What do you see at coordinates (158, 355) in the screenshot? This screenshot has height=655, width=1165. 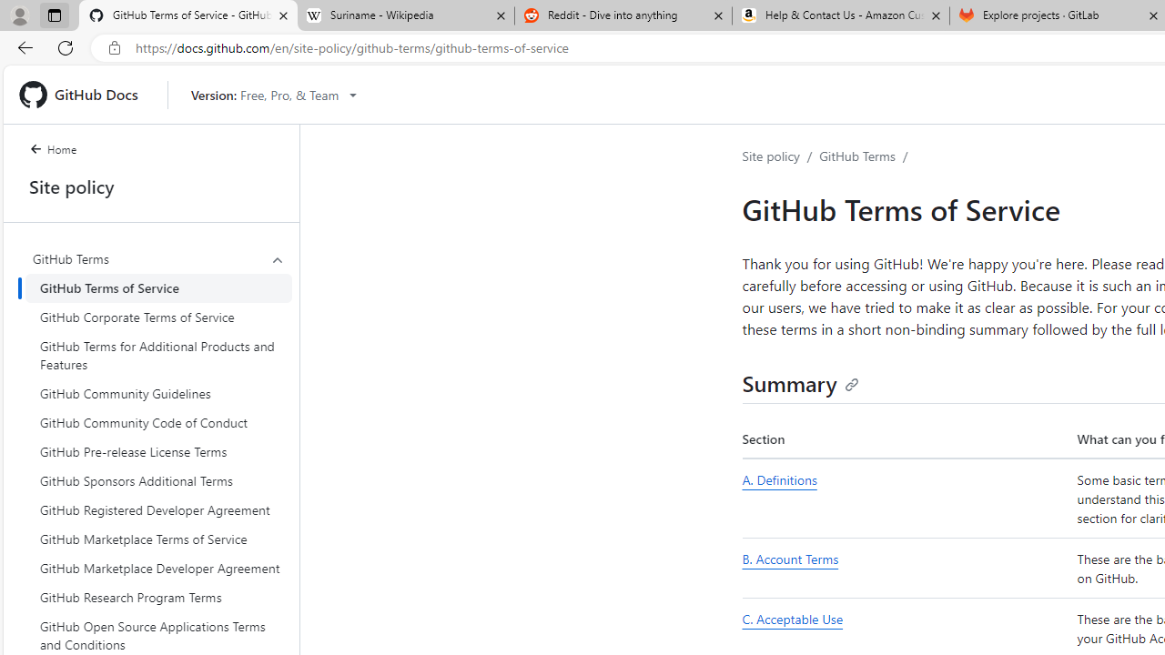 I see `'GitHub Terms for Additional Products and Features'` at bounding box center [158, 355].